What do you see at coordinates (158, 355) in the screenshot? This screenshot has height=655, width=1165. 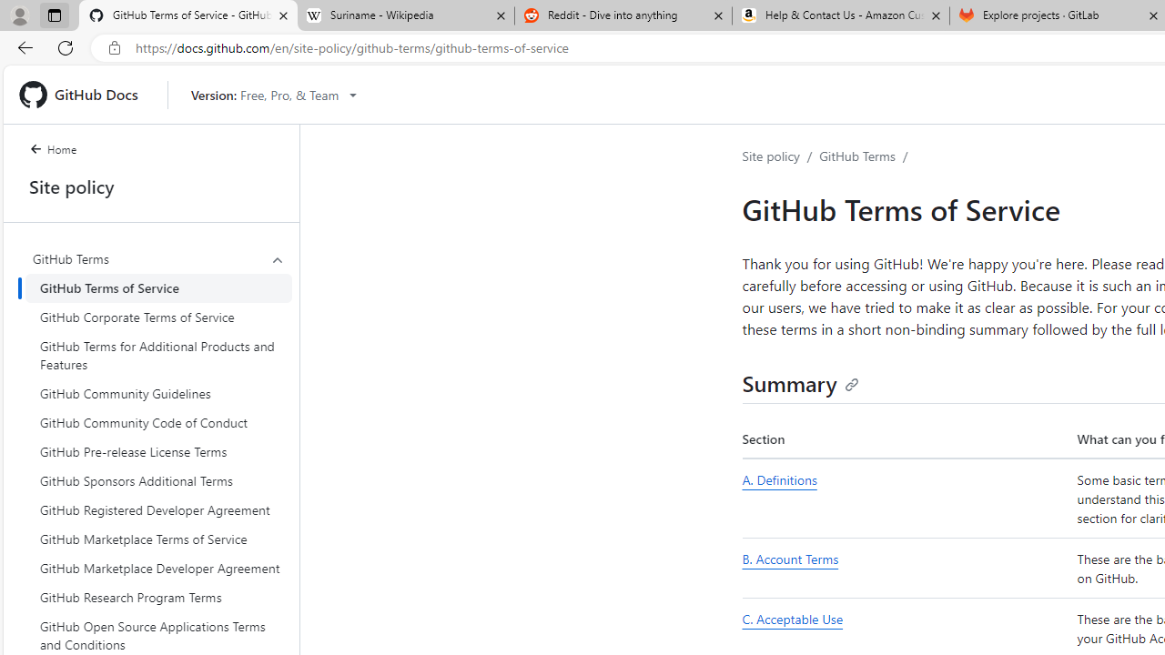 I see `'GitHub Terms for Additional Products and Features'` at bounding box center [158, 355].